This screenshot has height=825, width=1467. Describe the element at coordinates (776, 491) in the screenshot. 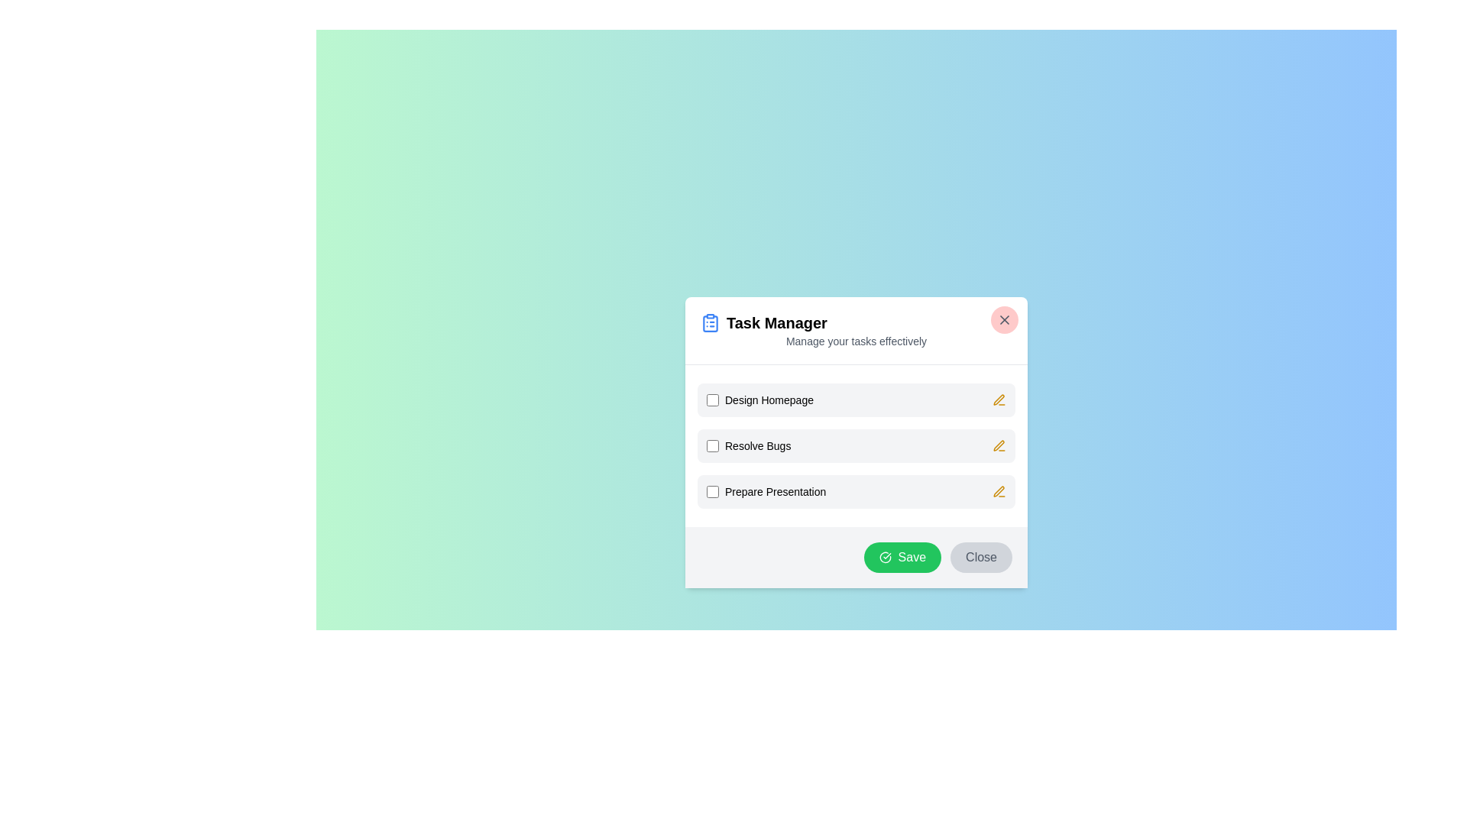

I see `the text label 'Prepare Presentation' in the Task Manager interface` at that location.